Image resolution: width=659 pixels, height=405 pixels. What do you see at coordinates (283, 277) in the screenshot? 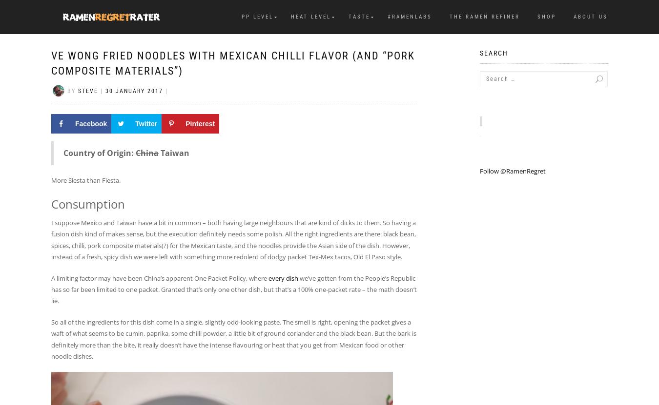
I see `'every dish'` at bounding box center [283, 277].